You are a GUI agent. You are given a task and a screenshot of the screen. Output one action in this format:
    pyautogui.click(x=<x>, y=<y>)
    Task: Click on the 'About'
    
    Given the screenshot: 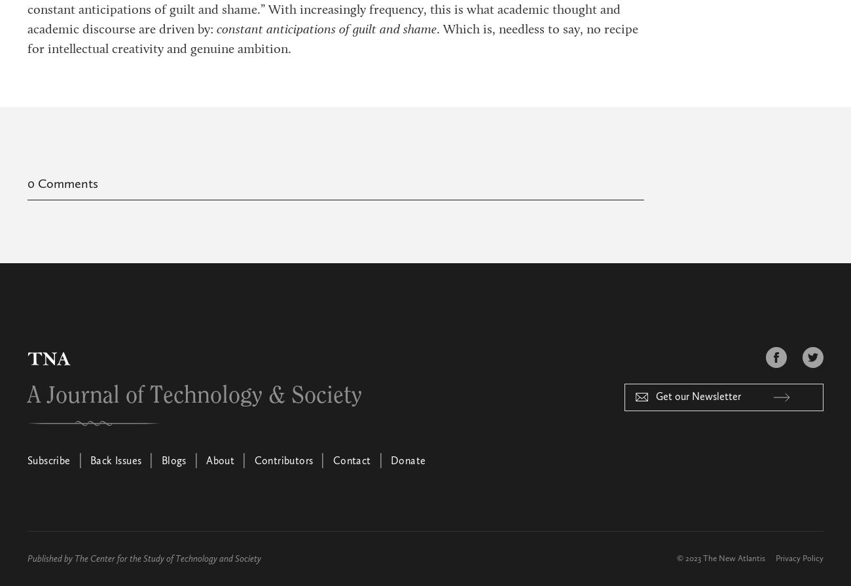 What is the action you would take?
    pyautogui.click(x=219, y=460)
    